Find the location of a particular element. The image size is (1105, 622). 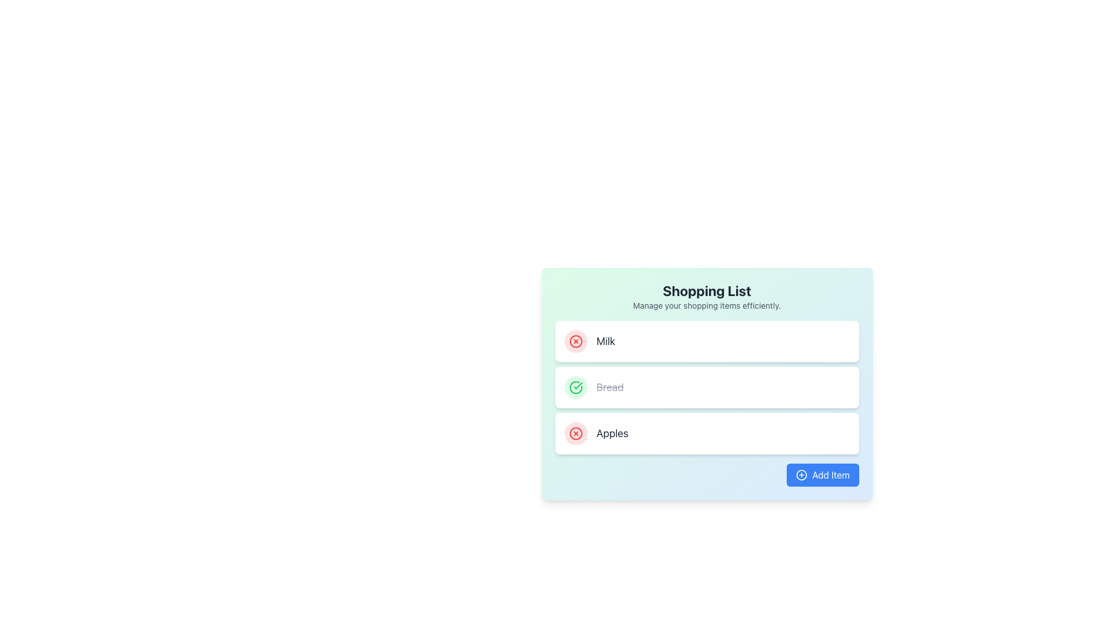

the blue rectangular 'Add Item' button located at the bottom right of the shopping list interface is located at coordinates (822, 475).